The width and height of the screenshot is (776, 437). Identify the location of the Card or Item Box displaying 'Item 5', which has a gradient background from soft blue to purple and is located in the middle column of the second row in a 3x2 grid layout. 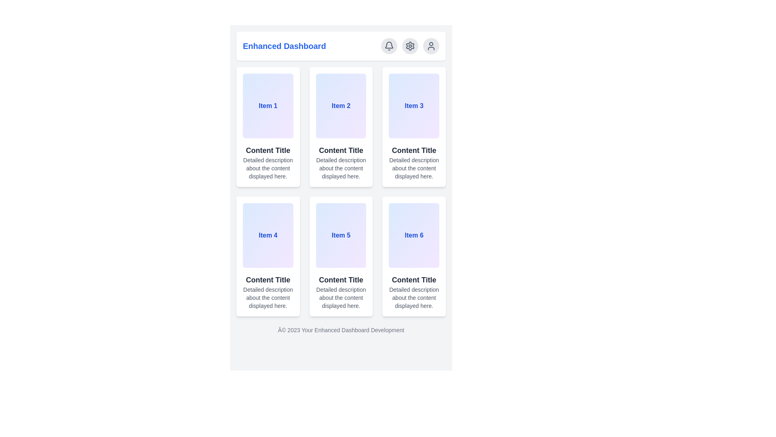
(341, 235).